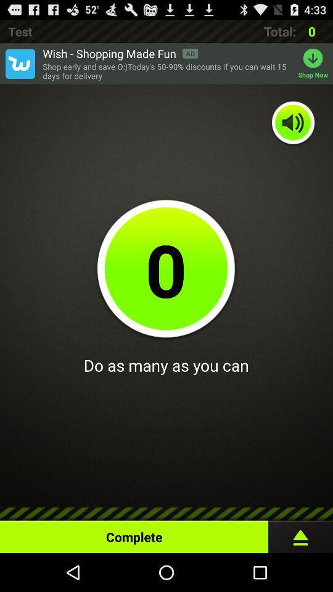 This screenshot has width=333, height=592. What do you see at coordinates (19, 64) in the screenshot?
I see `open advert` at bounding box center [19, 64].